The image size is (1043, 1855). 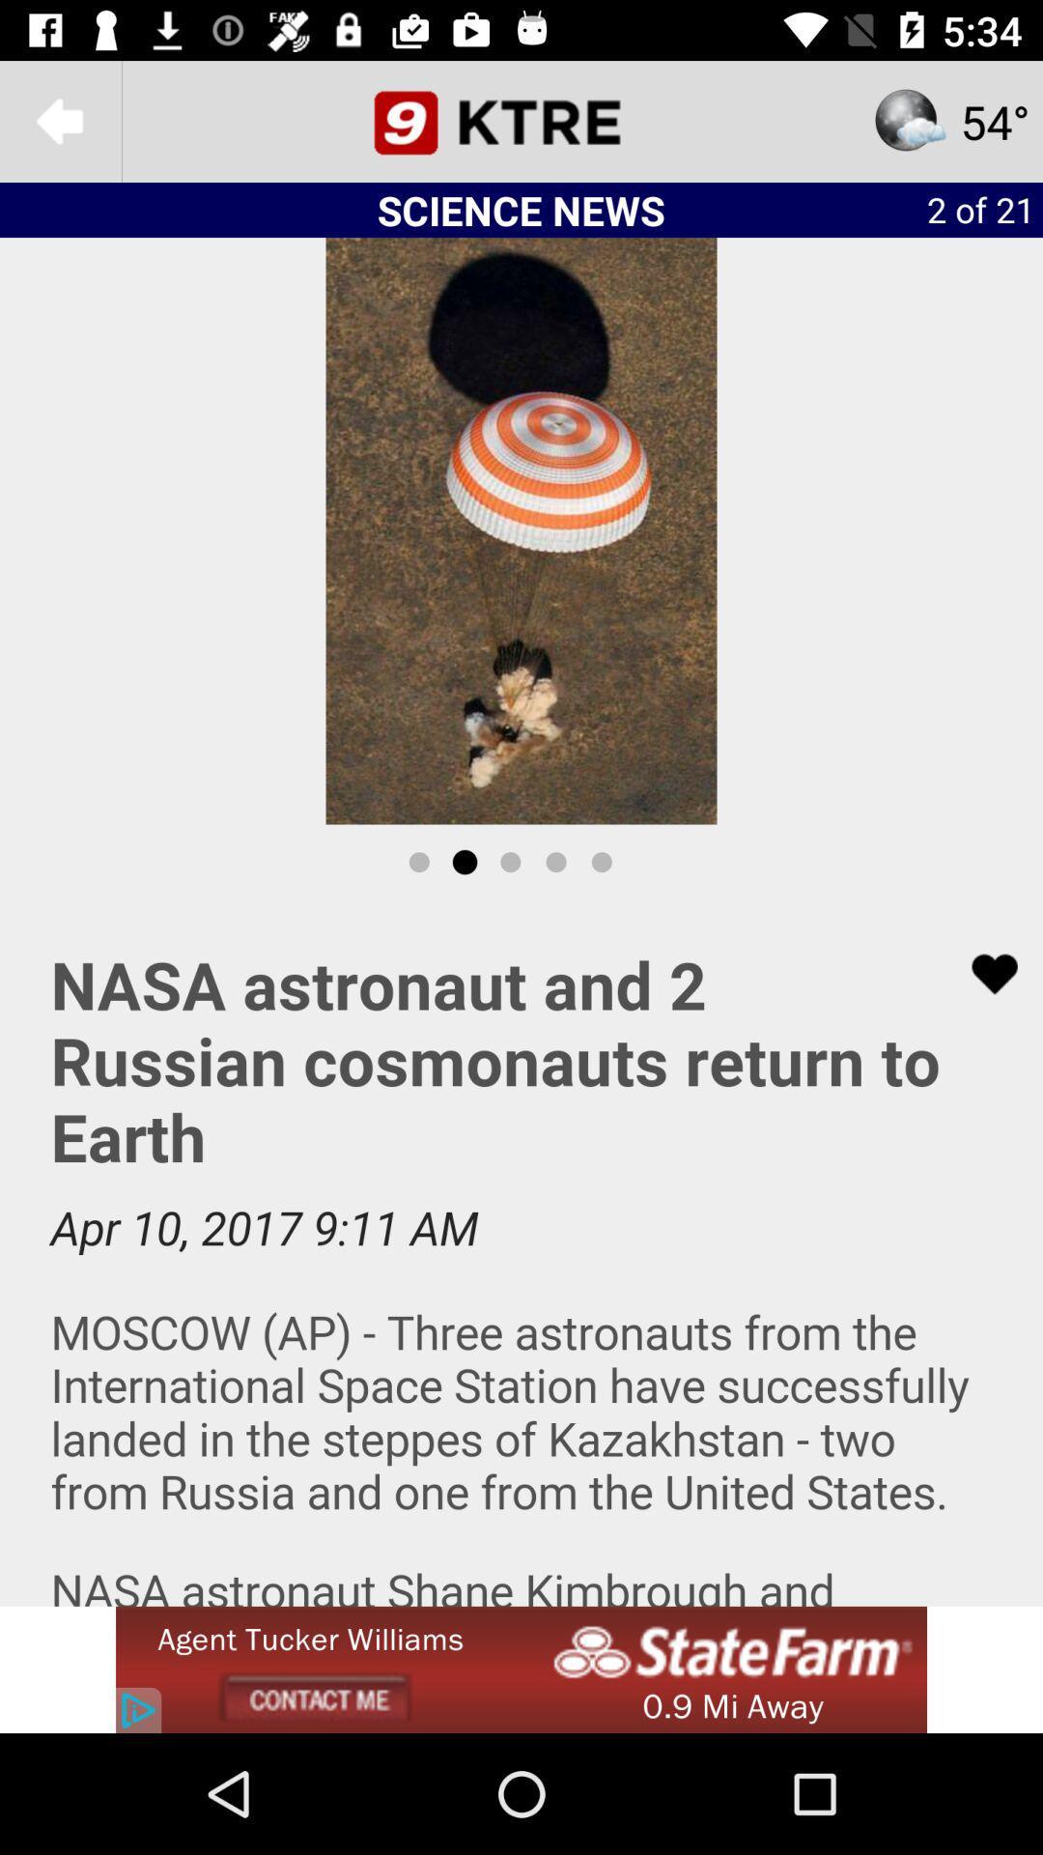 I want to click on goto back, so click(x=59, y=120).